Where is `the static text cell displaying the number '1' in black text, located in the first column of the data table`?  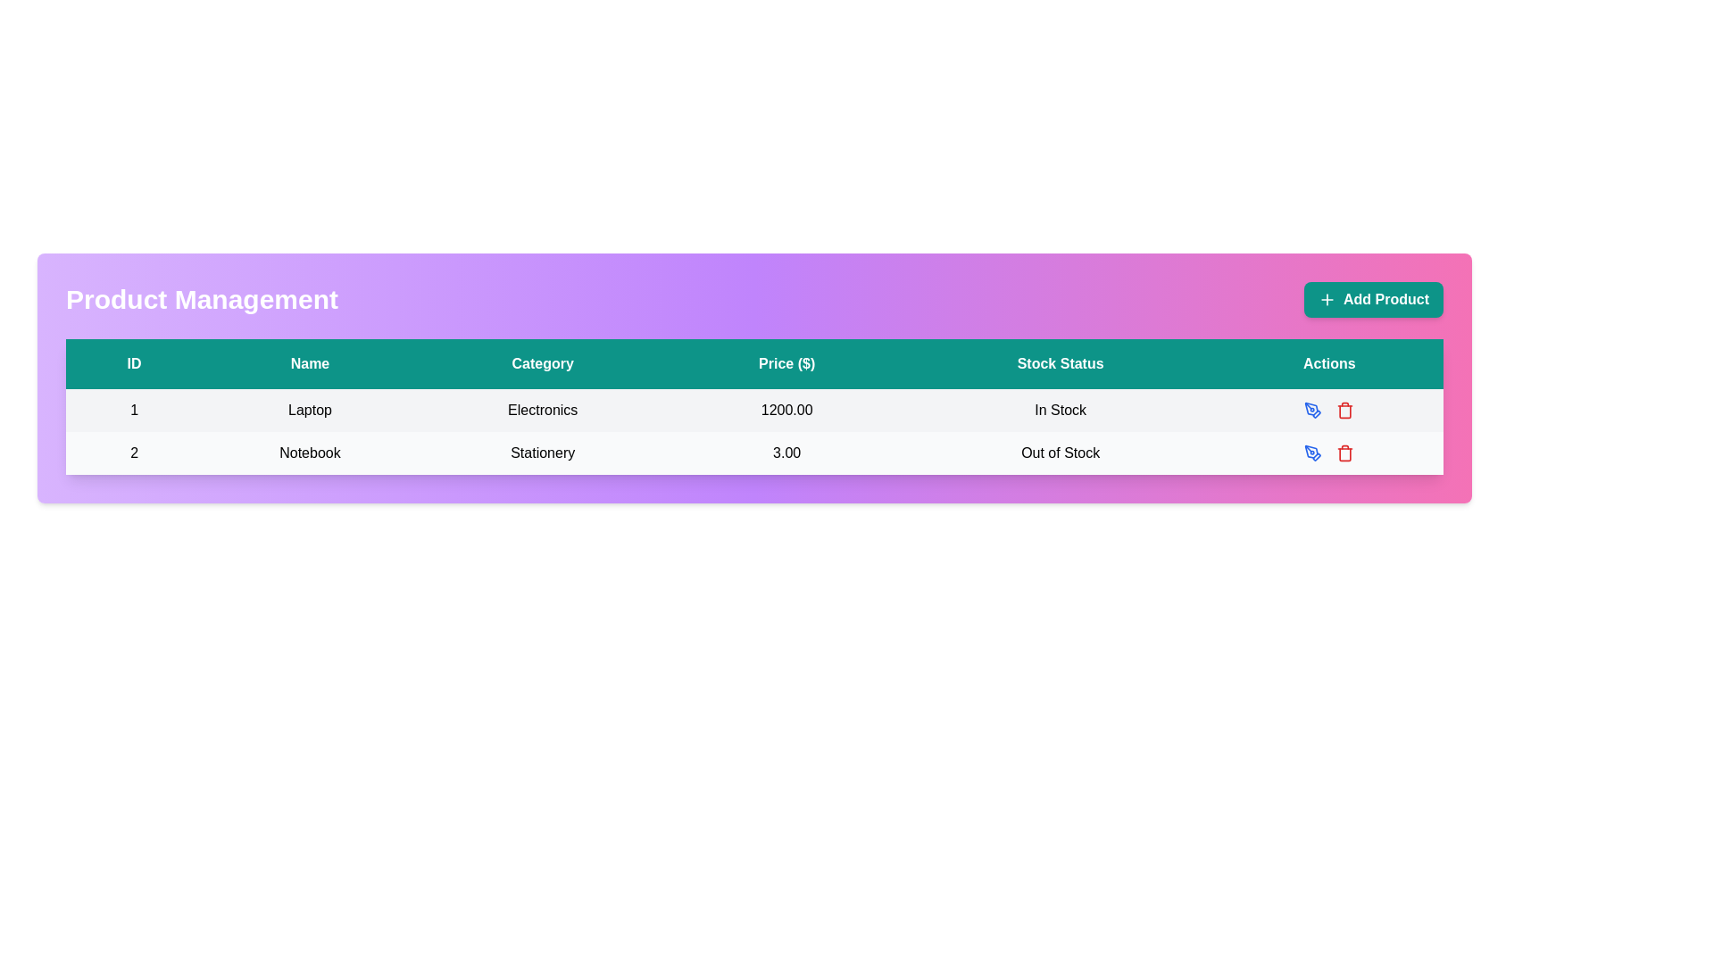 the static text cell displaying the number '1' in black text, located in the first column of the data table is located at coordinates (133, 410).